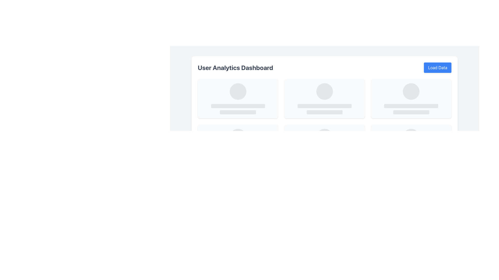 The width and height of the screenshot is (499, 280). What do you see at coordinates (437, 67) in the screenshot?
I see `the 'Load Data' button, which is a rectangular button with a vivid blue background and white text, located at the top-right corner of the User Analytics Dashboard` at bounding box center [437, 67].